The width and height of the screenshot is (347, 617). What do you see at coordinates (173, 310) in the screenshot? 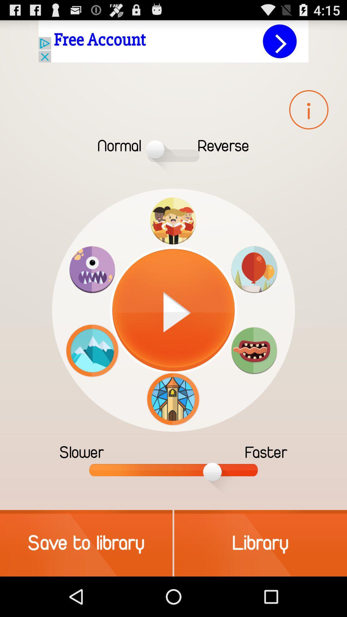
I see `the center image` at bounding box center [173, 310].